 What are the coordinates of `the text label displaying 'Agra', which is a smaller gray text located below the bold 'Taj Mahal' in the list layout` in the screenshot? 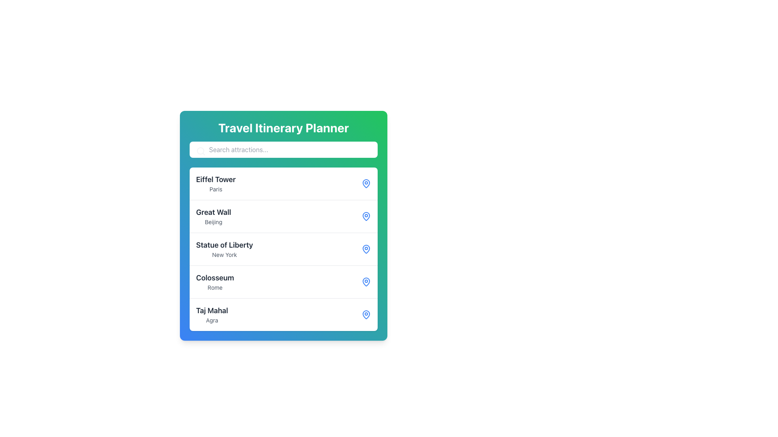 It's located at (212, 320).